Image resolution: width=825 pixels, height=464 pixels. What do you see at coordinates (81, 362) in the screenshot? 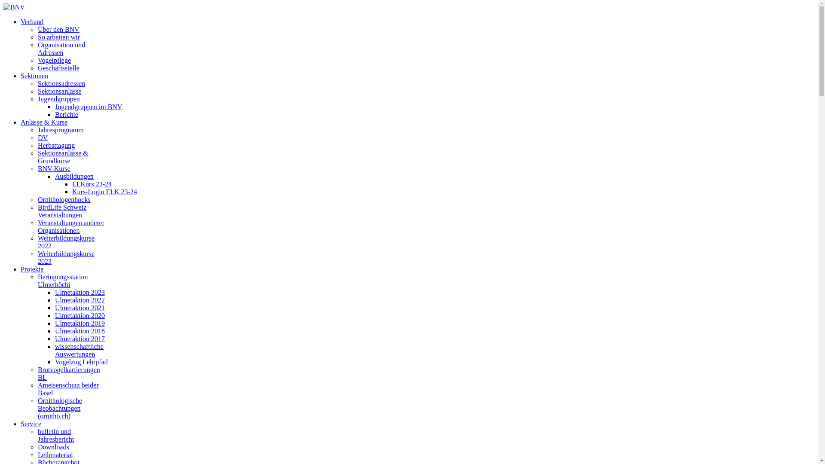
I see `'Vogelzug Lehrpfad'` at bounding box center [81, 362].